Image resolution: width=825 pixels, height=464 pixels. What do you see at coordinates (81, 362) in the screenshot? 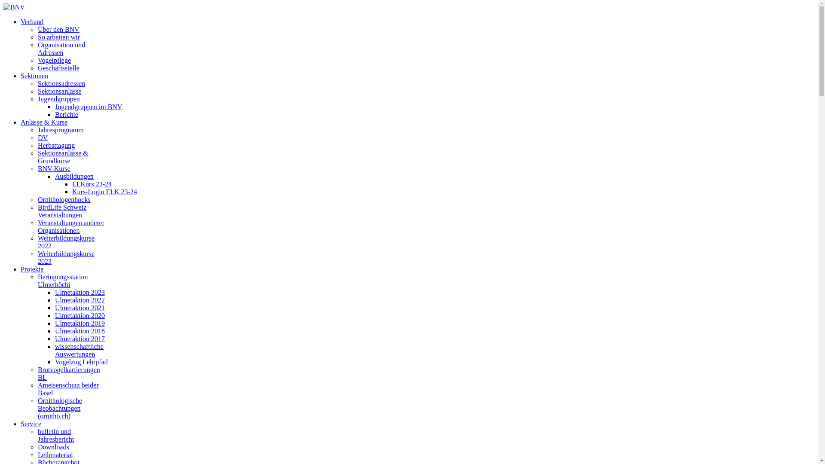
I see `'Vogelzug Lehrpfad'` at bounding box center [81, 362].